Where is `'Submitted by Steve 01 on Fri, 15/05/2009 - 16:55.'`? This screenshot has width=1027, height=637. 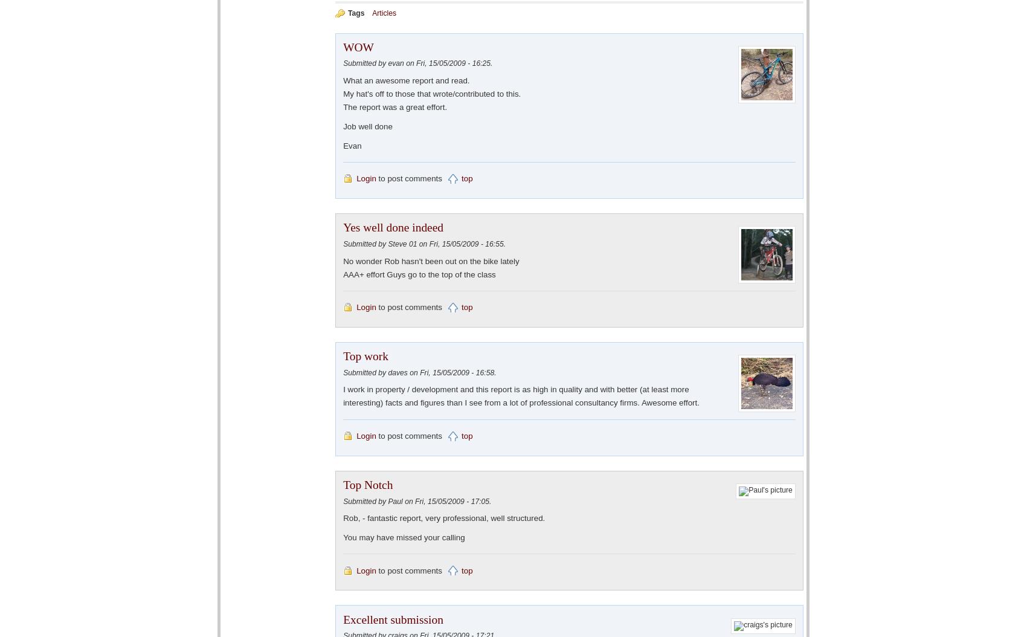
'Submitted by Steve 01 on Fri, 15/05/2009 - 16:55.' is located at coordinates (424, 243).